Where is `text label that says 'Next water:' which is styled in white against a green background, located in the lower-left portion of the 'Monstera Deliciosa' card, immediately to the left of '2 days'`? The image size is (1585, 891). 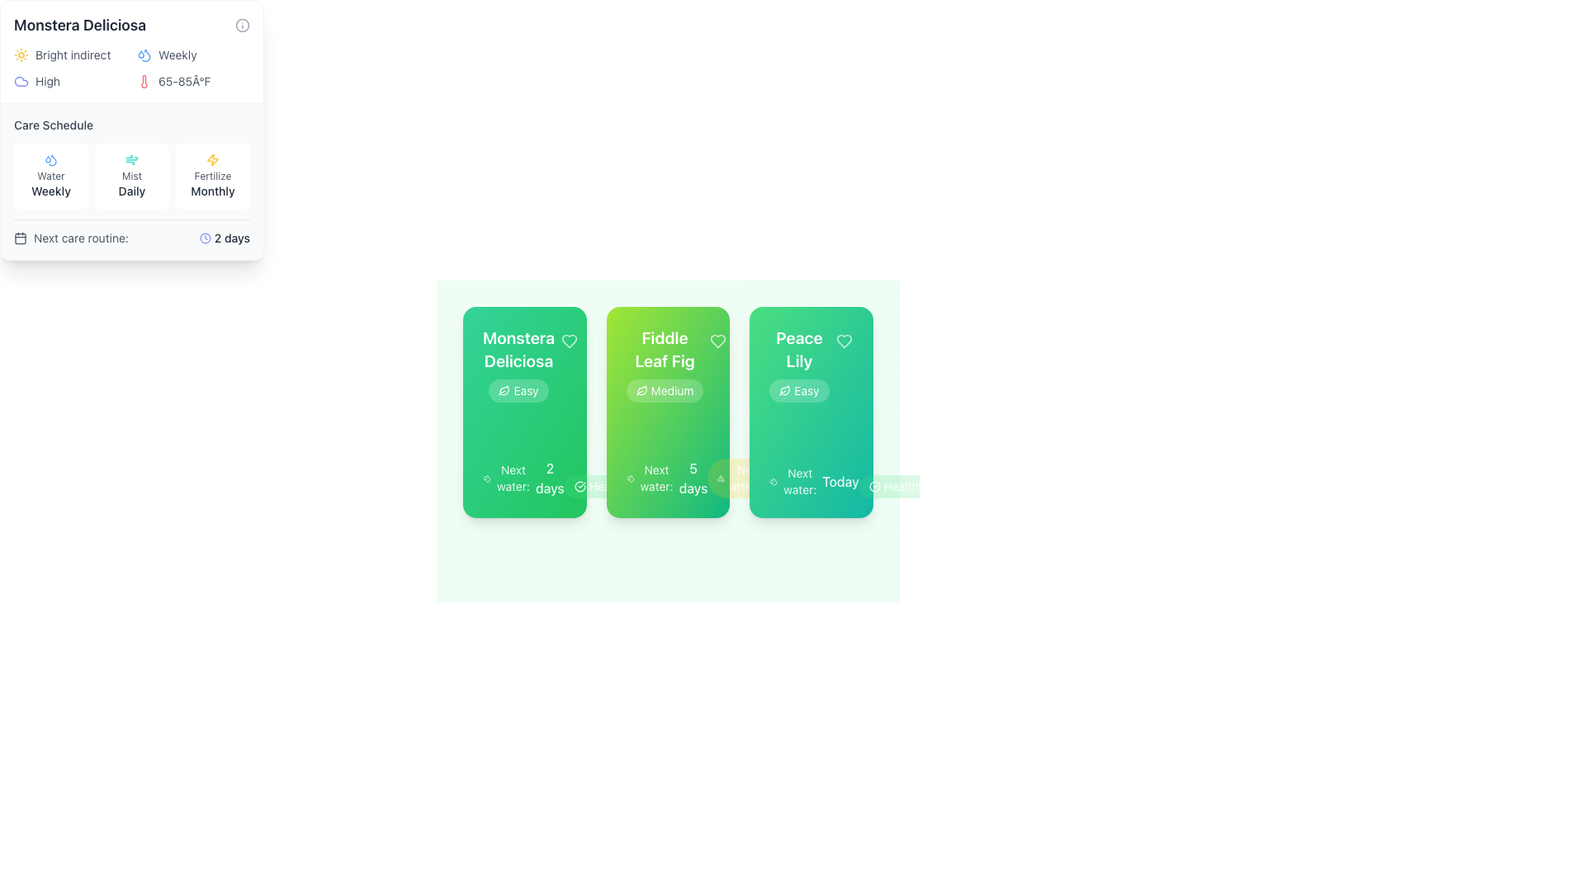
text label that says 'Next water:' which is styled in white against a green background, located in the lower-left portion of the 'Monstera Deliciosa' card, immediately to the left of '2 days' is located at coordinates (512, 478).